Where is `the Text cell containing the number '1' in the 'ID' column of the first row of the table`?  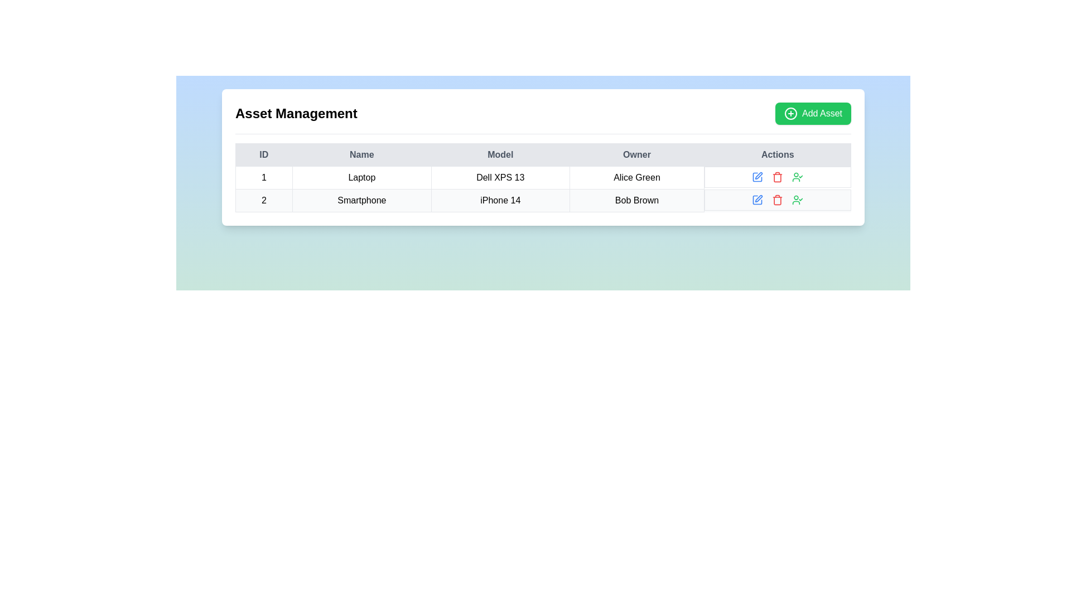
the Text cell containing the number '1' in the 'ID' column of the first row of the table is located at coordinates (263, 177).